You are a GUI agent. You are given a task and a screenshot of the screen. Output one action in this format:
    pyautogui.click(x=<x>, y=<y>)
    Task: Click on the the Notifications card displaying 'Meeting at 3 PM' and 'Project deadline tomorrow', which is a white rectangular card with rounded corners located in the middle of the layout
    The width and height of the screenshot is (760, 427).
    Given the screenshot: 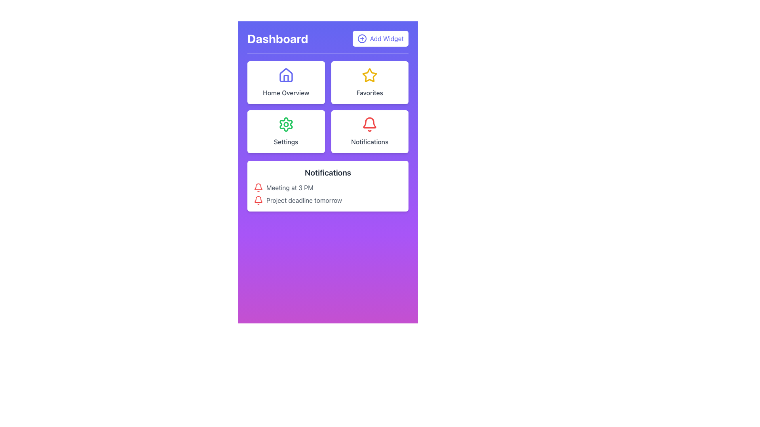 What is the action you would take?
    pyautogui.click(x=328, y=186)
    